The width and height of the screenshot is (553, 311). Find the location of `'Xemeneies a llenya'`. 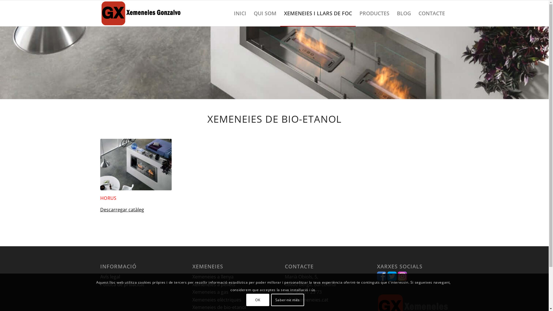

'Xemeneies a llenya' is located at coordinates (213, 276).